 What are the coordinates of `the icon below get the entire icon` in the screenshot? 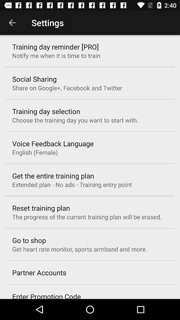 It's located at (72, 184).